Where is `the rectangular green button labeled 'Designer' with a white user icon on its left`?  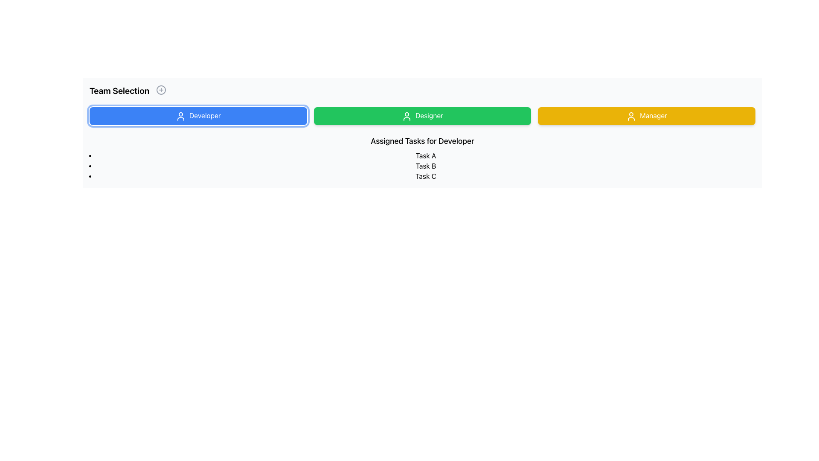
the rectangular green button labeled 'Designer' with a white user icon on its left is located at coordinates (422, 116).